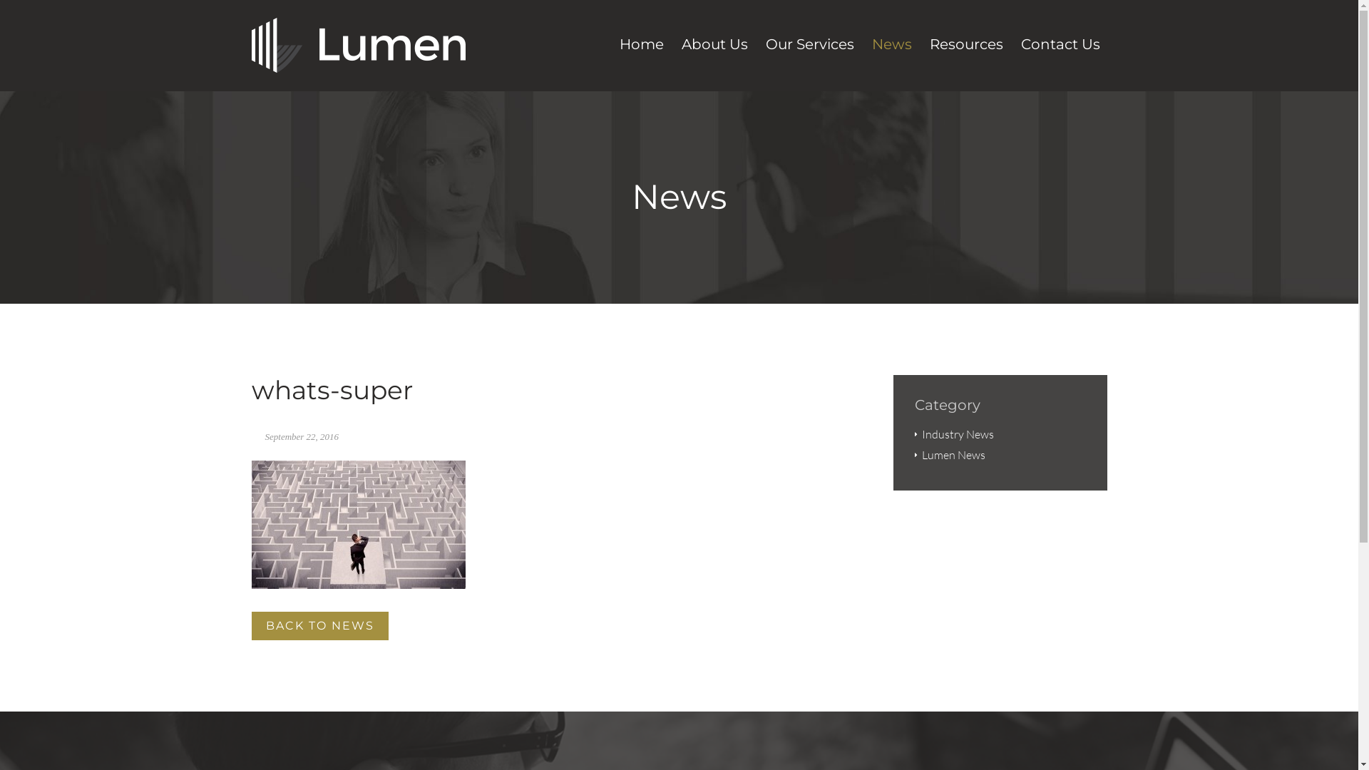 The height and width of the screenshot is (770, 1369). I want to click on 'Industry News', so click(957, 433).